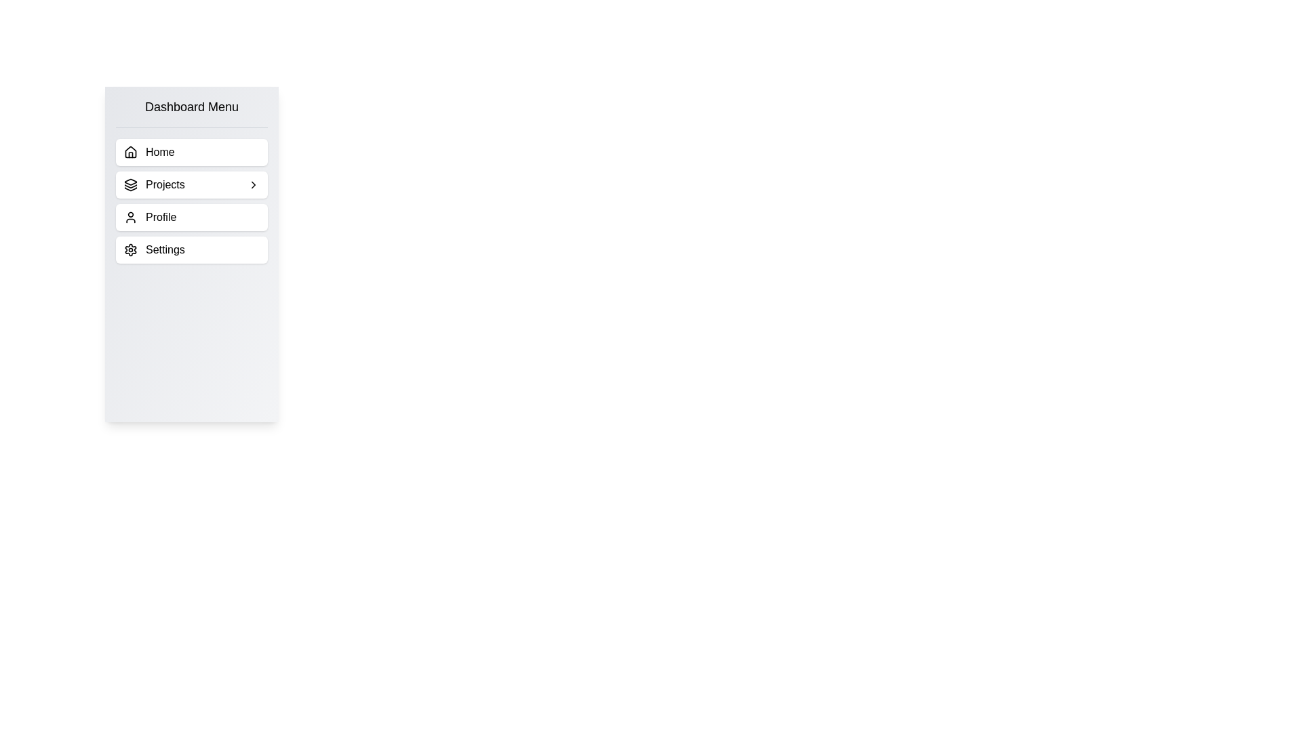 The height and width of the screenshot is (732, 1302). What do you see at coordinates (150, 216) in the screenshot?
I see `the Navigation Menu Item located in the third row of the vertical navigation menu, which leads to the user's profile section` at bounding box center [150, 216].